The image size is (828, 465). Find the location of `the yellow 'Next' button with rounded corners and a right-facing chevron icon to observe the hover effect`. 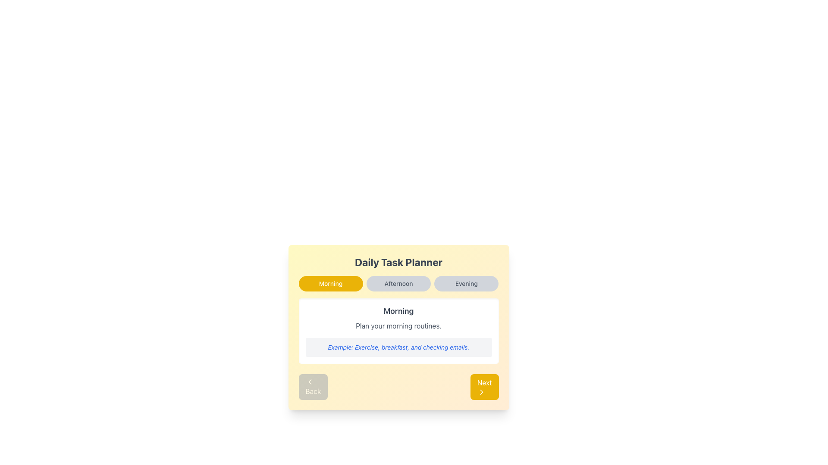

the yellow 'Next' button with rounded corners and a right-facing chevron icon to observe the hover effect is located at coordinates (484, 386).